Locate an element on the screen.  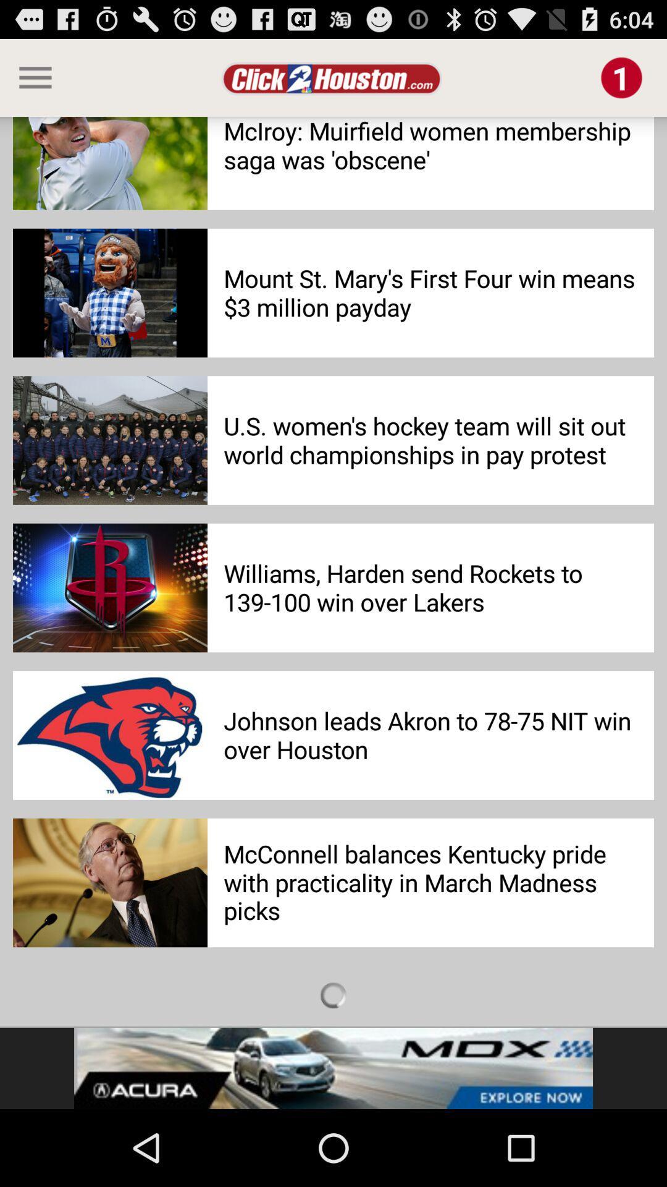
the last second image is located at coordinates (109, 735).